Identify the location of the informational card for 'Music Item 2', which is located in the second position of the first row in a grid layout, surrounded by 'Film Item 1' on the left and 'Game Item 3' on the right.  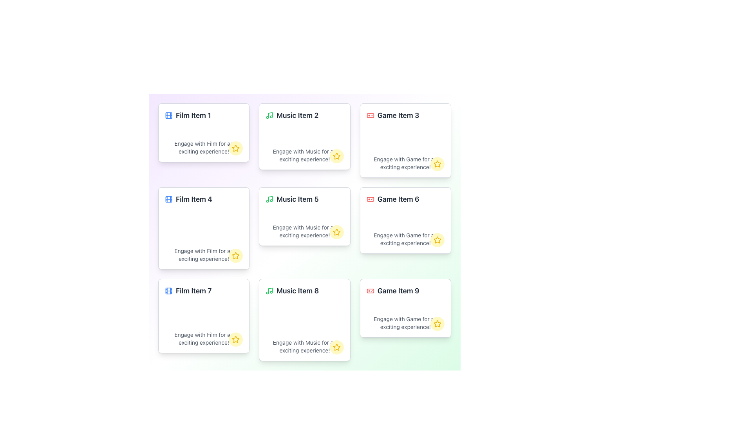
(304, 136).